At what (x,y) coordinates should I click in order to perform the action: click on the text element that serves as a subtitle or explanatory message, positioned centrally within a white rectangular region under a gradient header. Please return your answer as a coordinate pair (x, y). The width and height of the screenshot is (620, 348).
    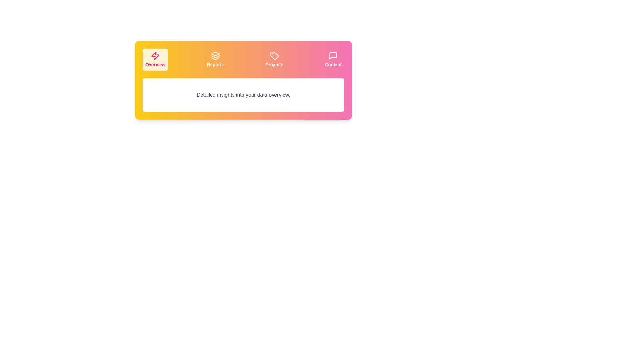
    Looking at the image, I should click on (243, 95).